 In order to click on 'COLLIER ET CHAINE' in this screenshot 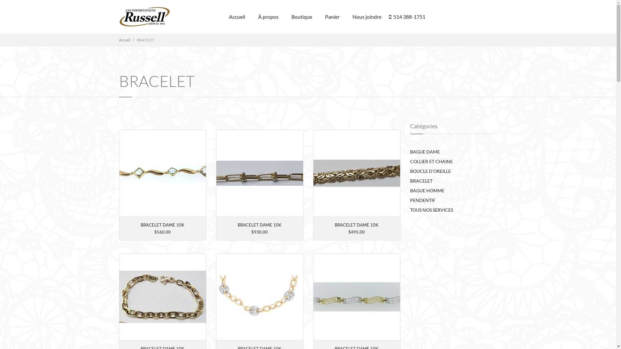, I will do `click(431, 161)`.